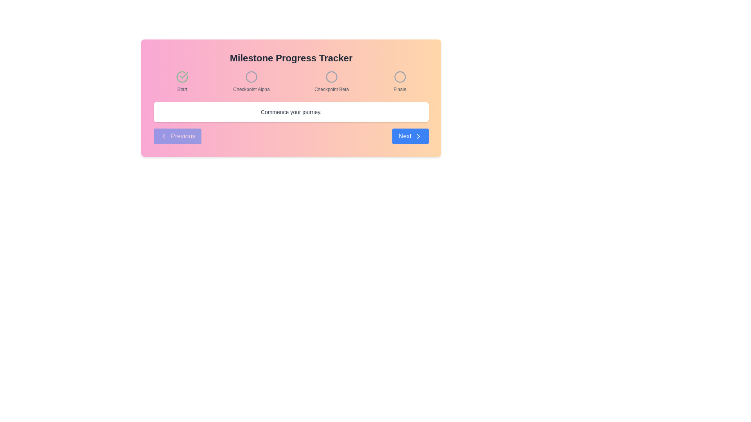  I want to click on the fourth Circular Progress Milestone labeled 'Finale' in the progress tracker interface, which is styled as a hollow circle with a gray stroke, so click(400, 77).